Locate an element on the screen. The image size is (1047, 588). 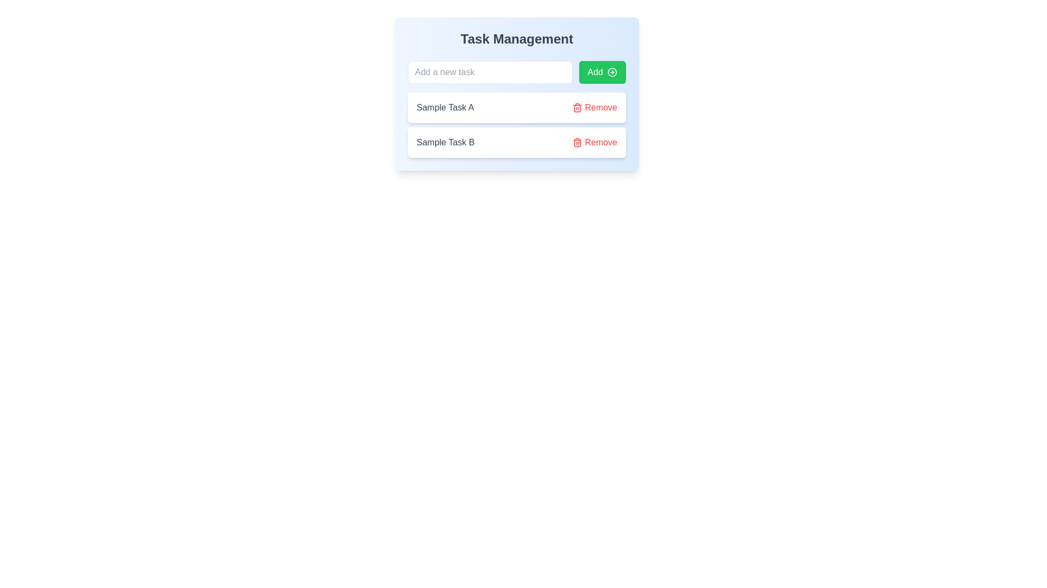
the 'Remove' button associated with 'Sample Task A' is located at coordinates (594, 107).